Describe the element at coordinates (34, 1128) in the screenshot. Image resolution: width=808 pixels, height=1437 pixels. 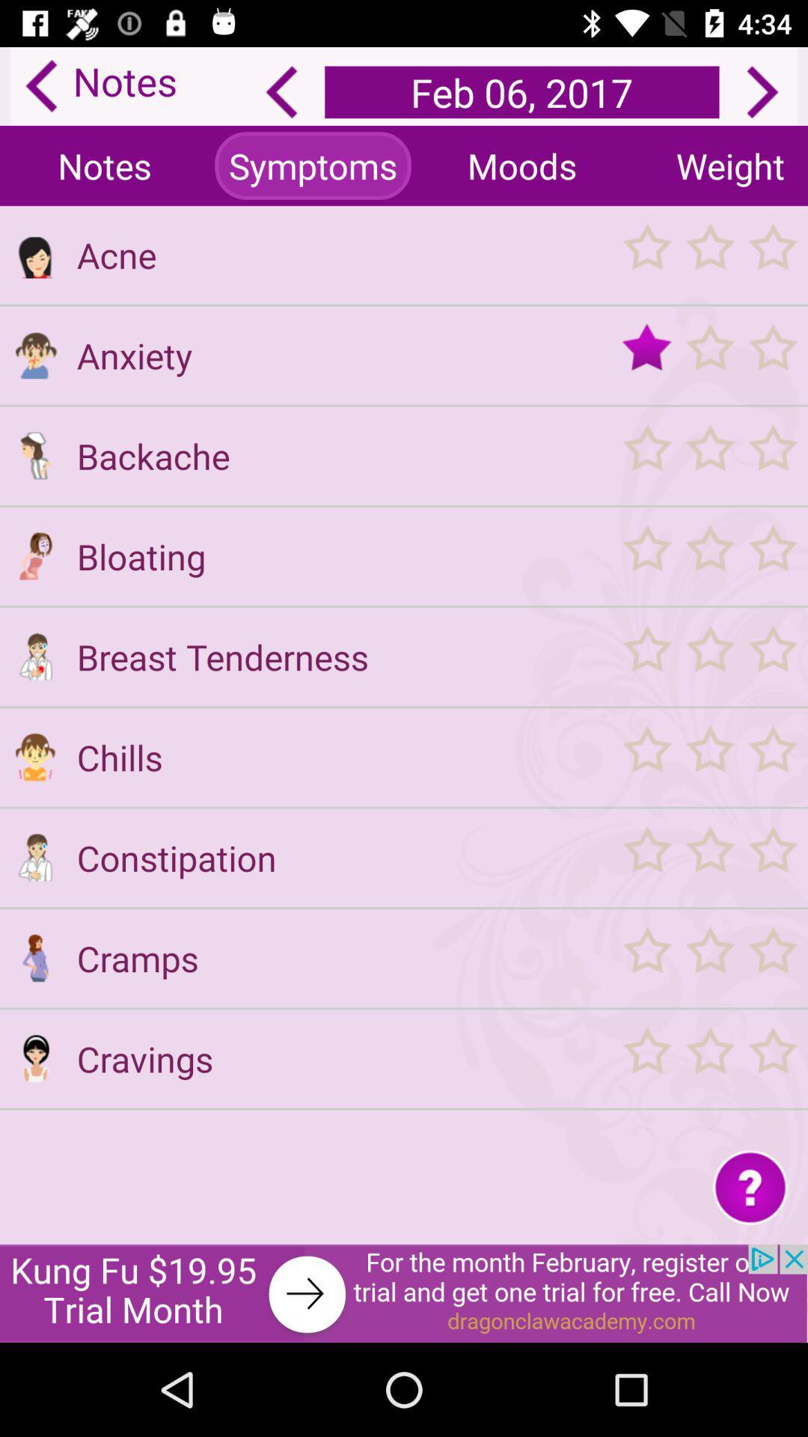
I see `blank page` at that location.